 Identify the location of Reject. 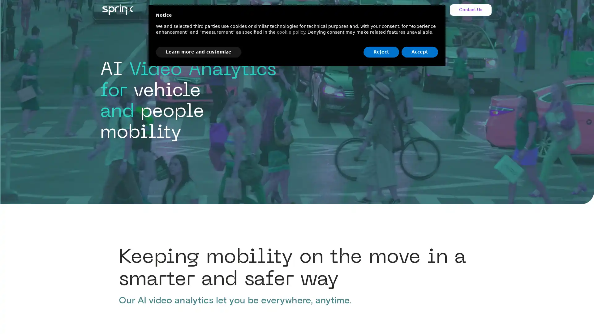
(381, 52).